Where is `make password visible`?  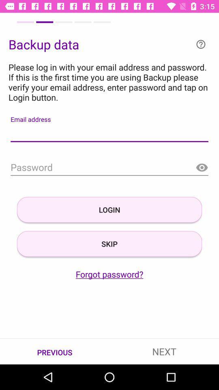
make password visible is located at coordinates (201, 167).